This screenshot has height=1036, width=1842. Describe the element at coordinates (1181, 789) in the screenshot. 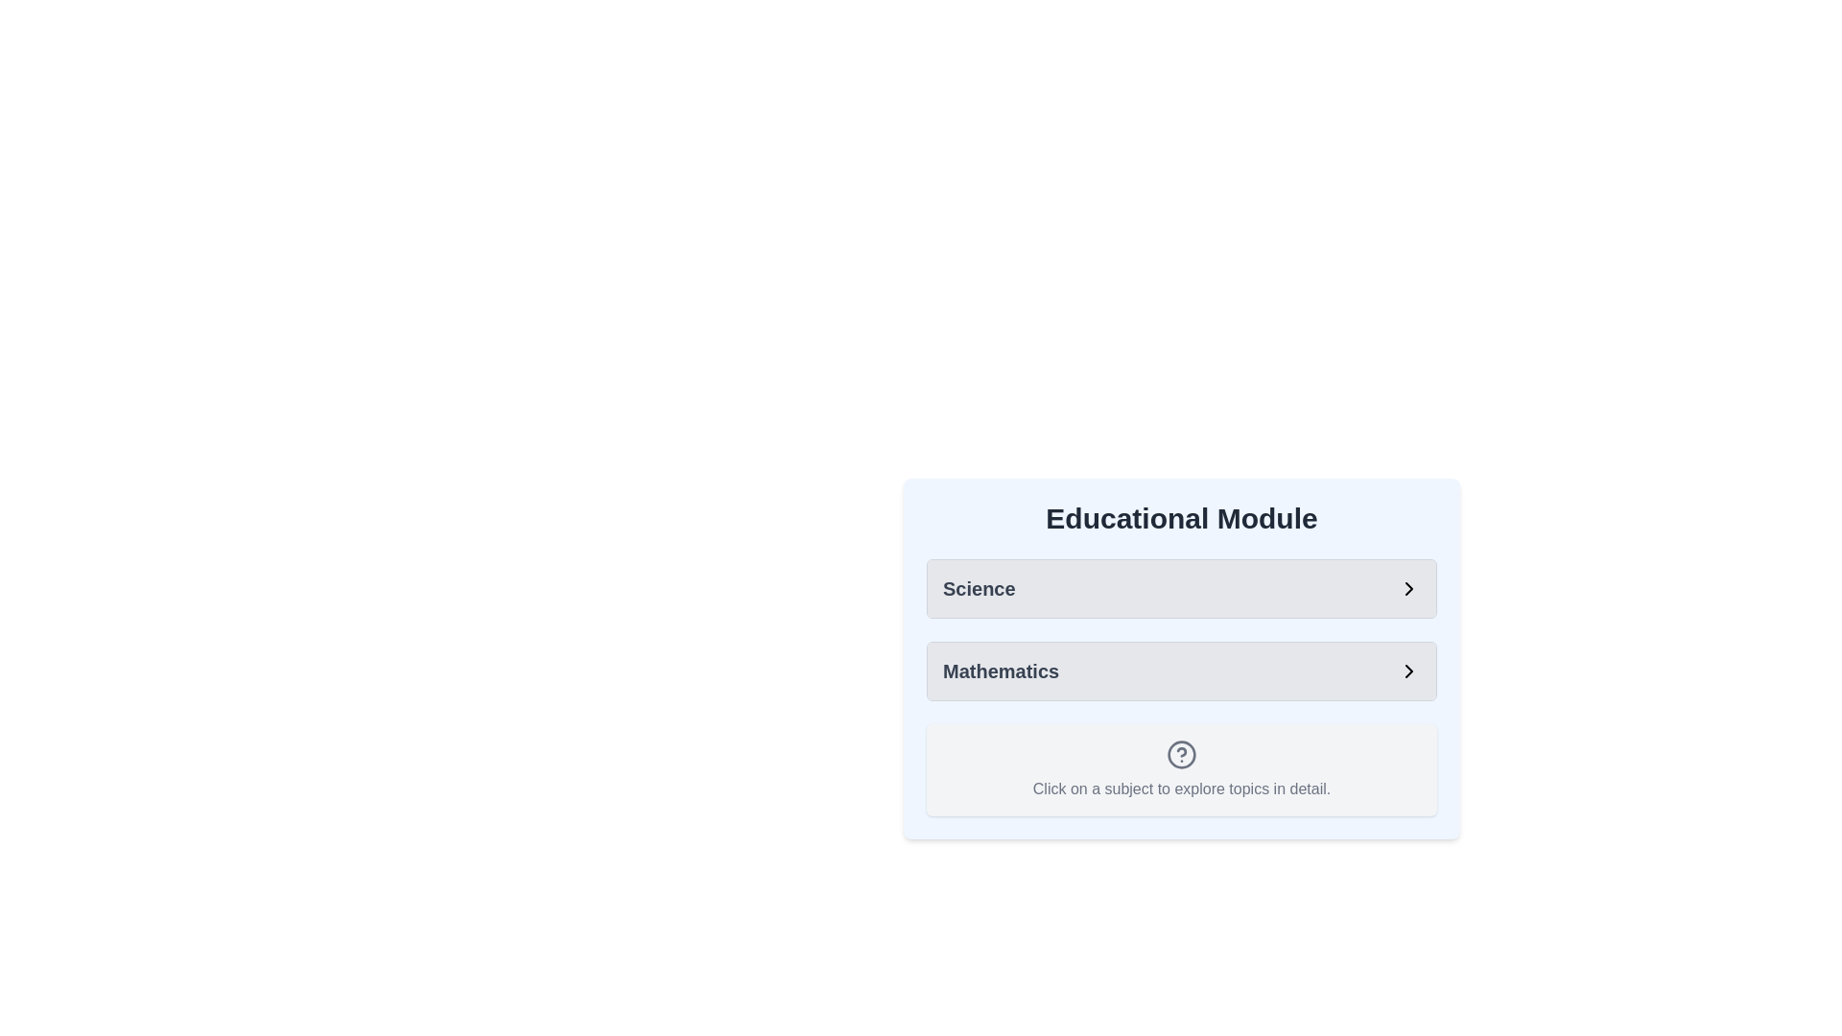

I see `the static text label that reads 'Click on a subject` at that location.